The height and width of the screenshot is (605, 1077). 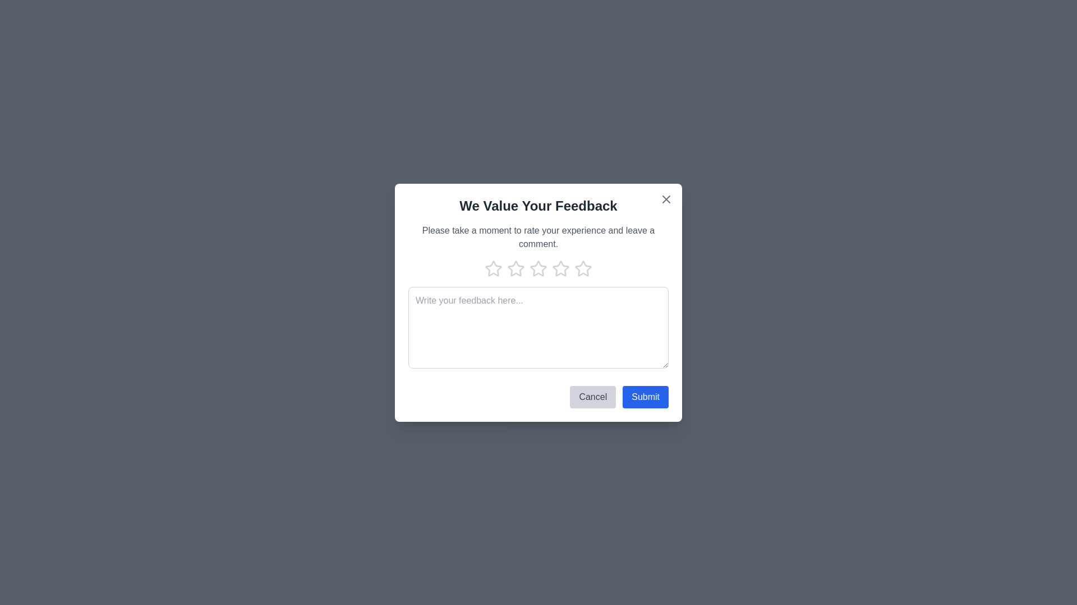 I want to click on the fourth star in the series of five hollow star icons, styled in light gray, so click(x=583, y=268).